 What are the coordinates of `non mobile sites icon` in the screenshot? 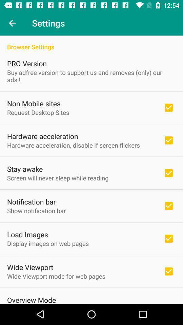 It's located at (33, 103).